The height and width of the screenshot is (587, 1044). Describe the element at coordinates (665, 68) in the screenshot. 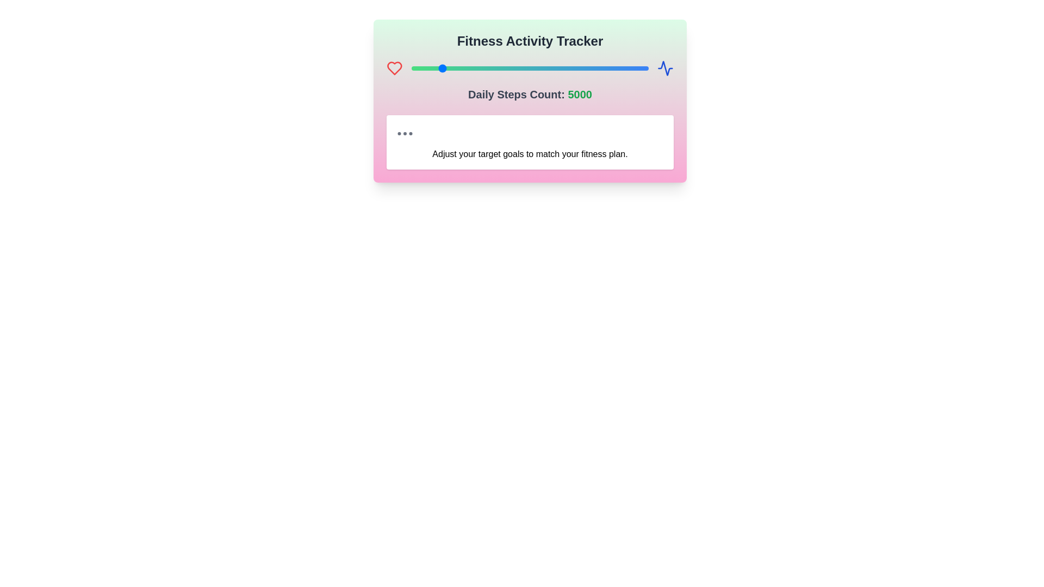

I see `the activity icon located at its center` at that location.